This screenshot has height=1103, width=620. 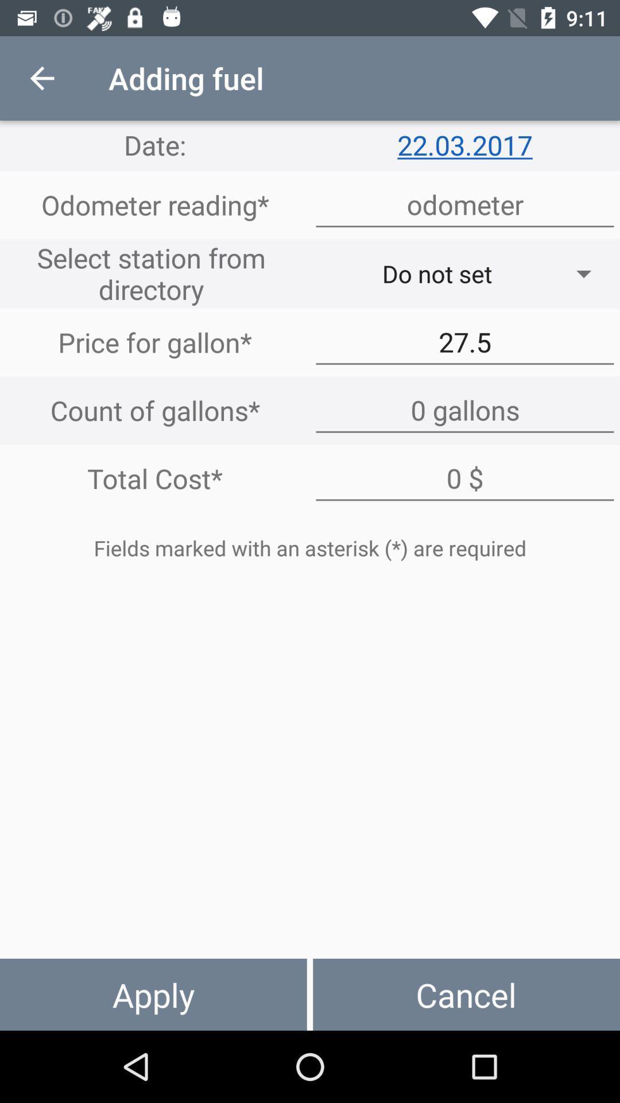 I want to click on insert gallons, so click(x=465, y=410).